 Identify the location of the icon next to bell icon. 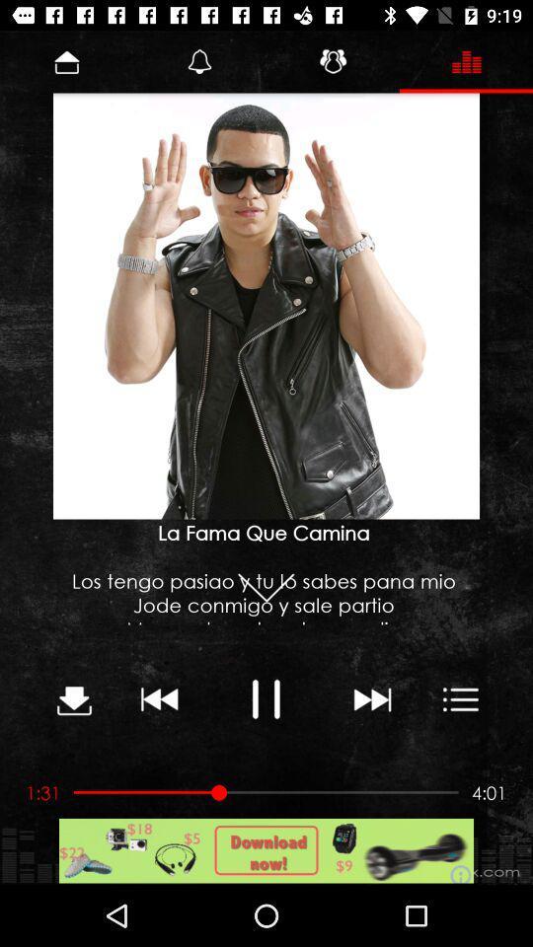
(333, 61).